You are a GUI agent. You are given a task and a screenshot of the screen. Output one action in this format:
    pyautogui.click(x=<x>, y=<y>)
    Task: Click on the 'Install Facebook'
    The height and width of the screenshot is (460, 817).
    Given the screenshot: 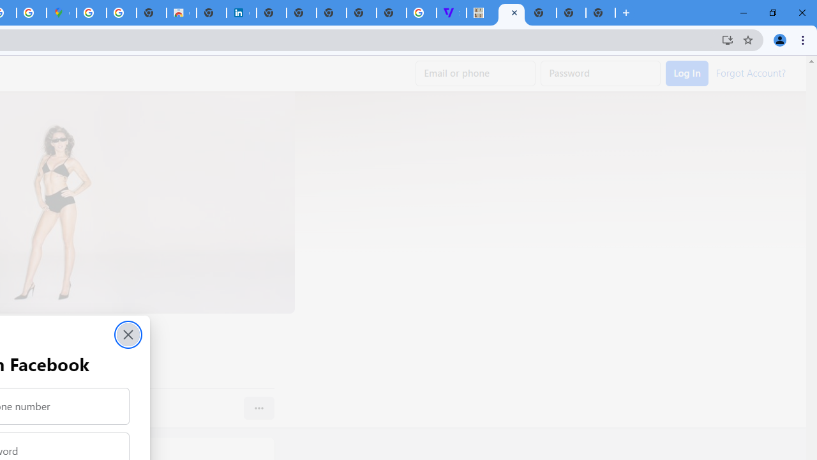 What is the action you would take?
    pyautogui.click(x=727, y=39)
    